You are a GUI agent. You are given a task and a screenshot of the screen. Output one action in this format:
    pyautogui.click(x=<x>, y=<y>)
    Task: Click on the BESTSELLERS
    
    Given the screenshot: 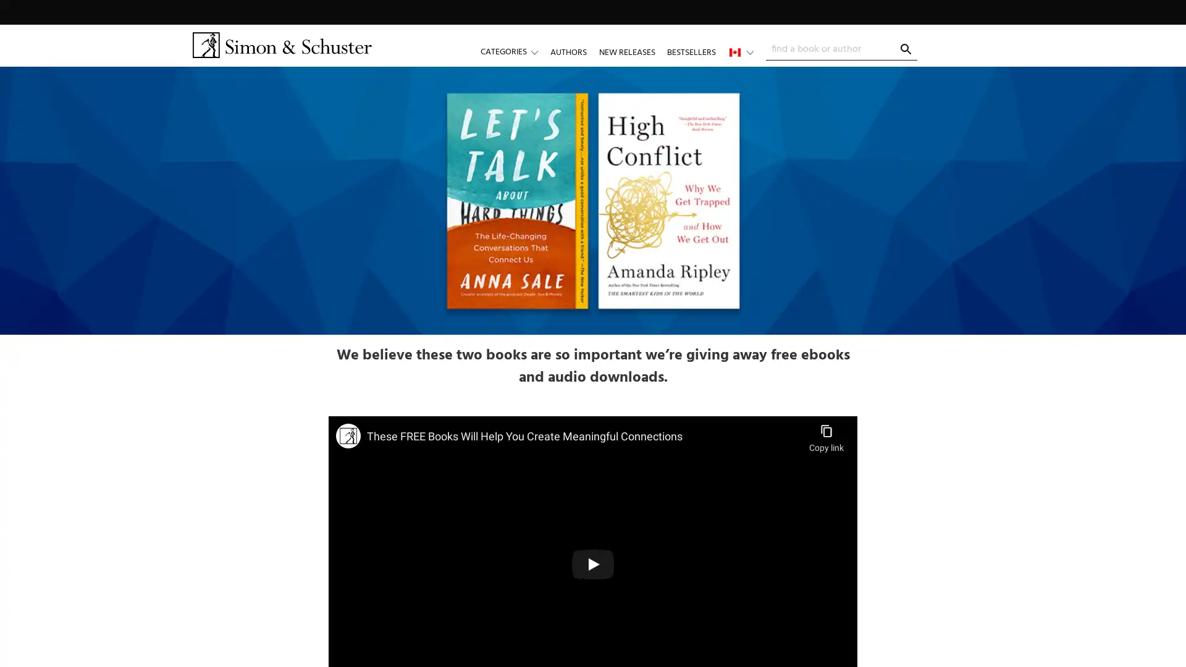 What is the action you would take?
    pyautogui.click(x=690, y=51)
    